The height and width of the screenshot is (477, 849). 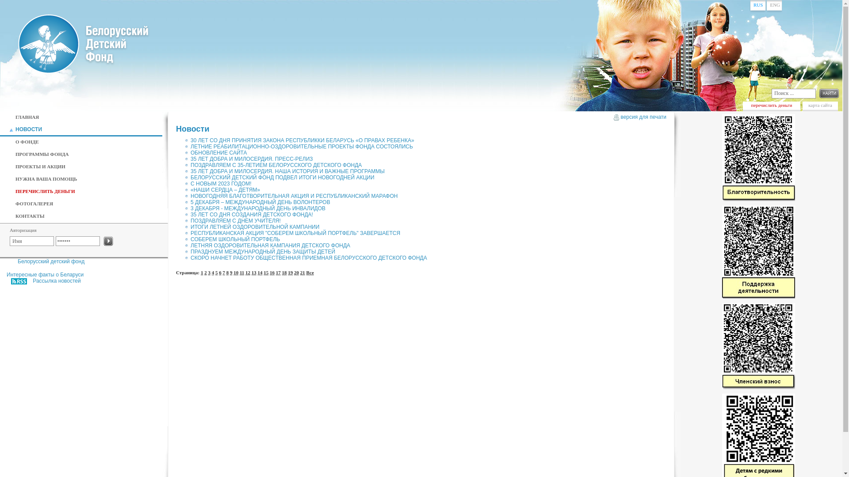 What do you see at coordinates (757, 345) in the screenshot?
I see `'Membership'` at bounding box center [757, 345].